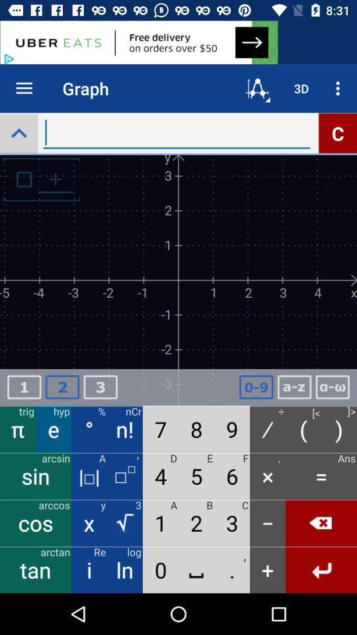 This screenshot has height=635, width=357. What do you see at coordinates (100, 387) in the screenshot?
I see `numeric box option` at bounding box center [100, 387].